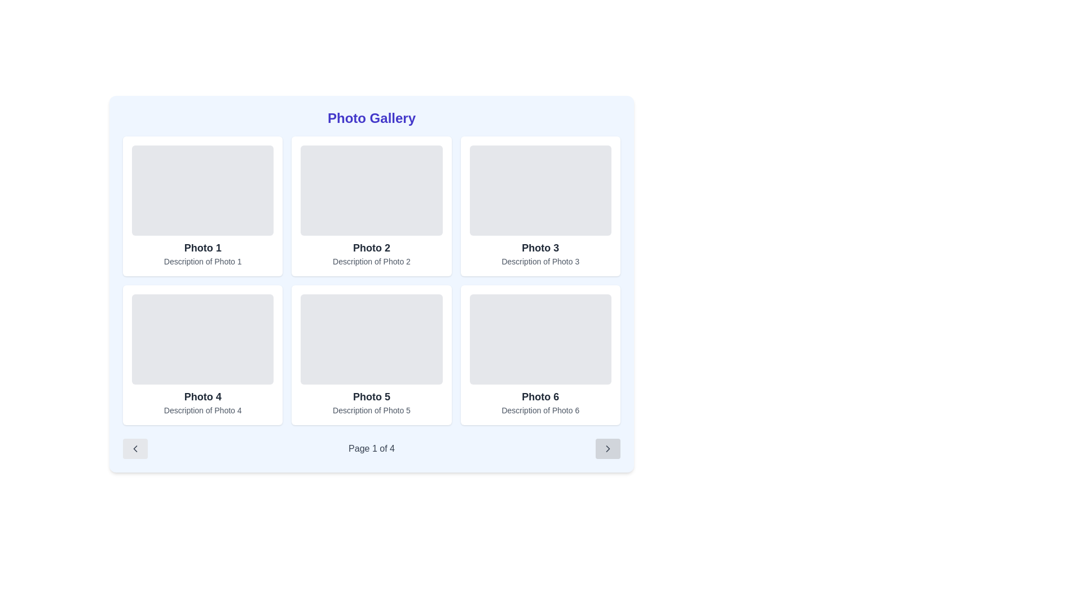 The image size is (1083, 609). Describe the element at coordinates (135, 448) in the screenshot. I see `the Chevron Left icon located at the bottom-left corner of the content frame` at that location.